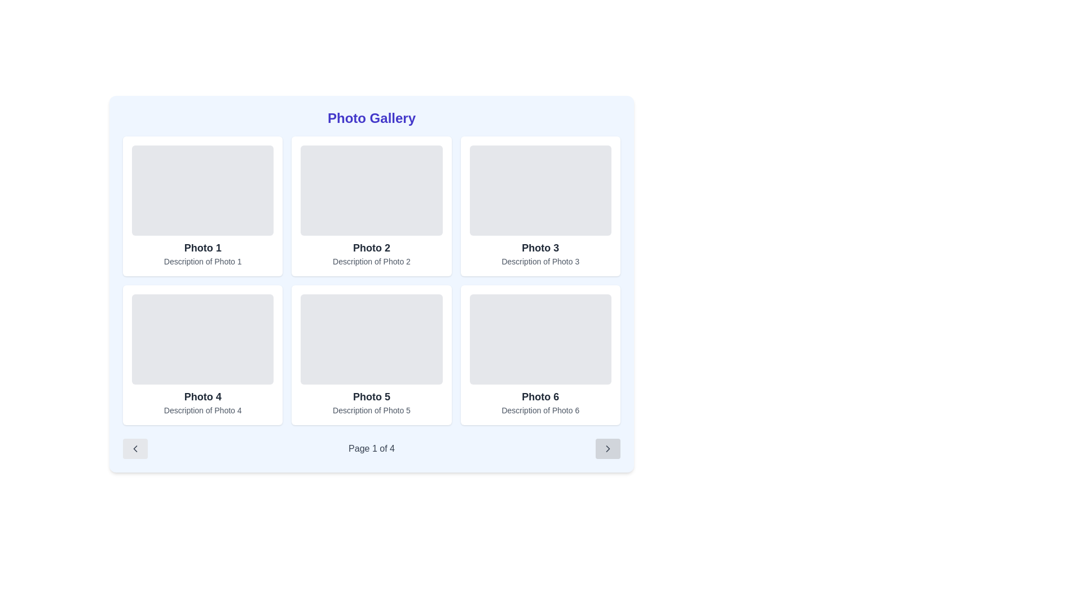 The image size is (1083, 609). Describe the element at coordinates (135, 448) in the screenshot. I see `the Chevron Left icon located at the bottom-left corner of the content frame` at that location.